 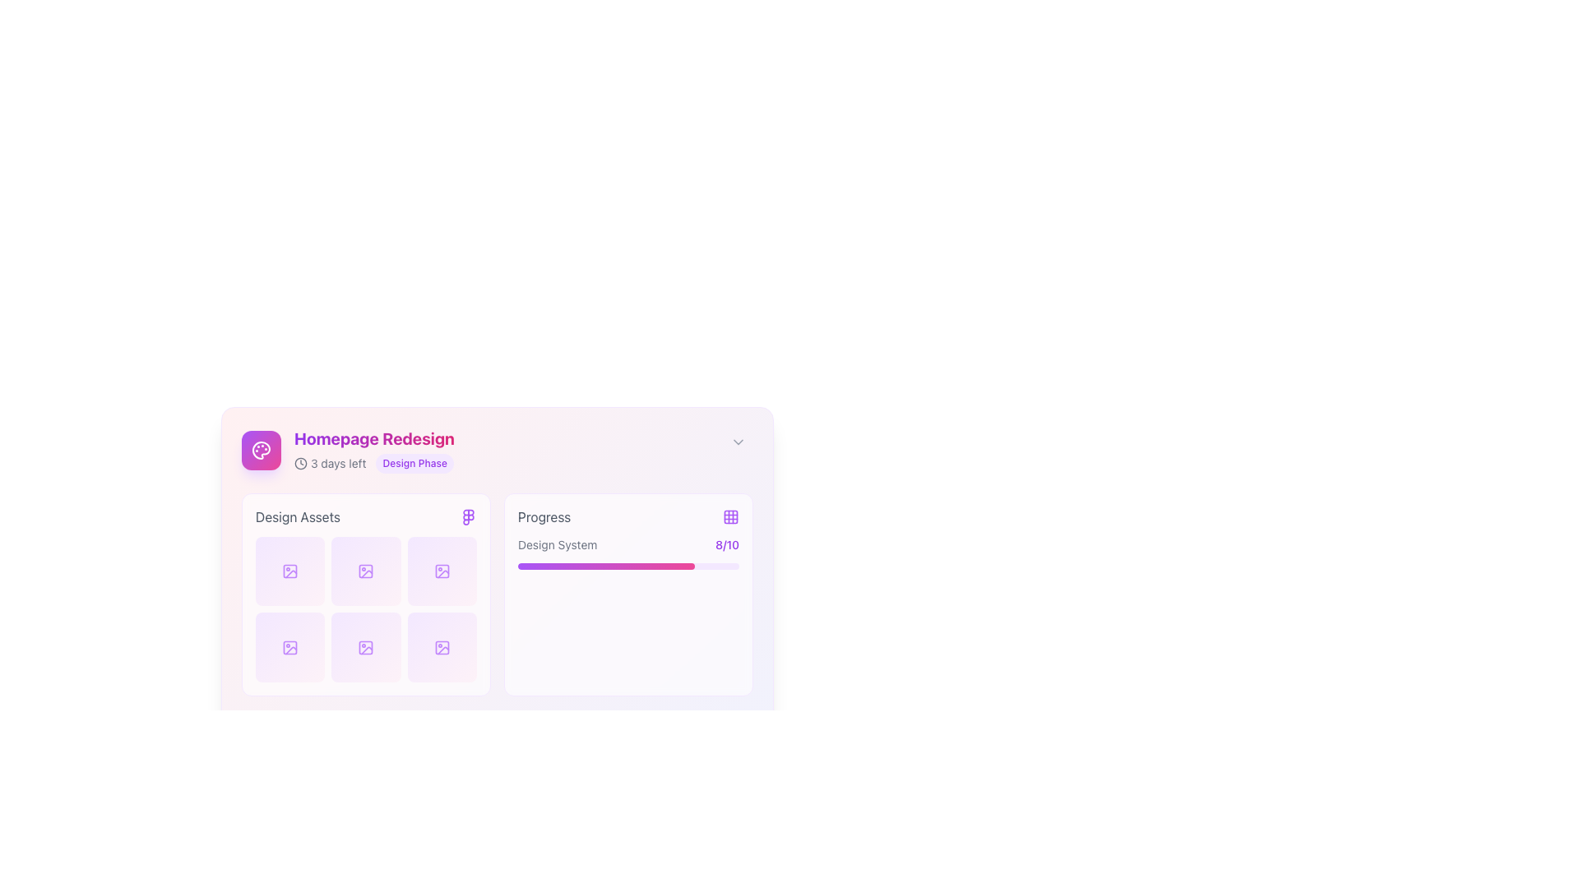 I want to click on the small clock icon with a circular outline and clock hands, located to the left of the '3 days left' text in the header section of the 'Homepage Redesign' card, so click(x=300, y=463).